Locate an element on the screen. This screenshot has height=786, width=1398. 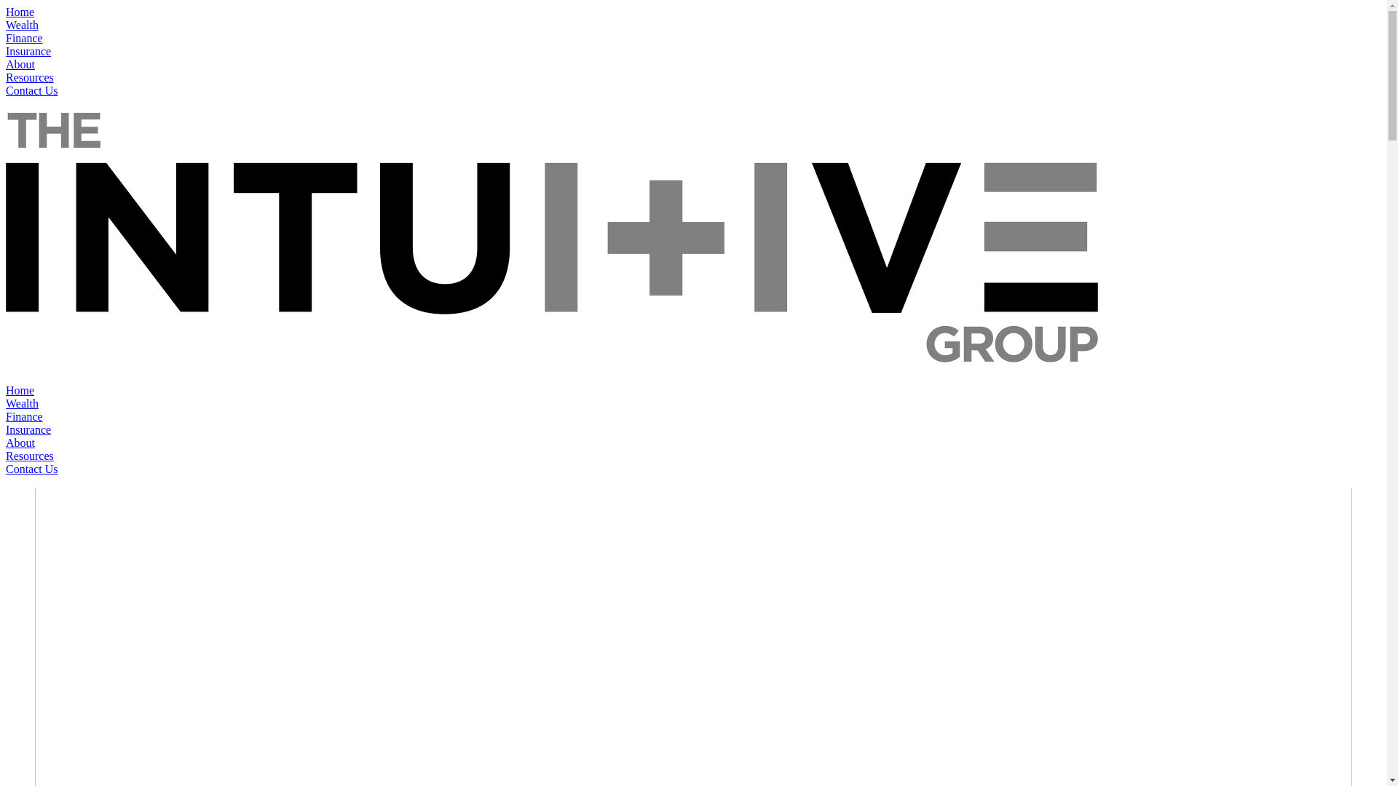
'Insurance' is located at coordinates (28, 429).